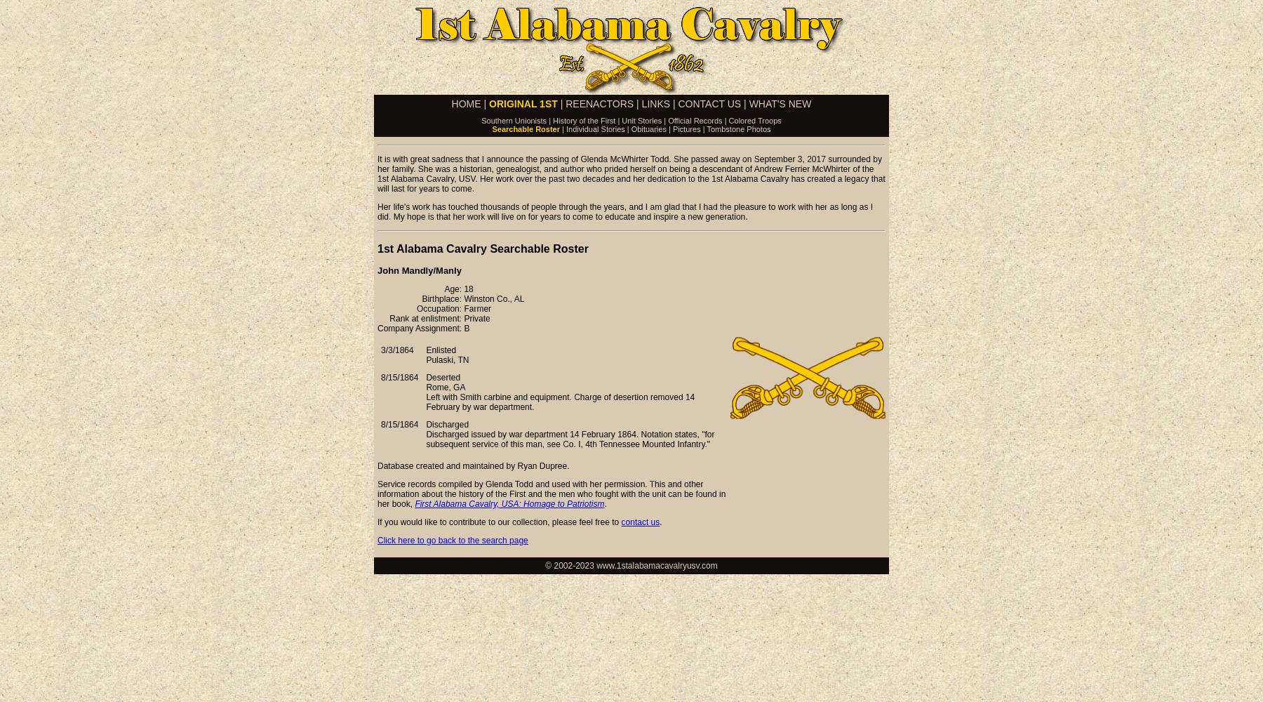 The width and height of the screenshot is (1263, 702). Describe the element at coordinates (513, 121) in the screenshot. I see `'Southern Unionists'` at that location.